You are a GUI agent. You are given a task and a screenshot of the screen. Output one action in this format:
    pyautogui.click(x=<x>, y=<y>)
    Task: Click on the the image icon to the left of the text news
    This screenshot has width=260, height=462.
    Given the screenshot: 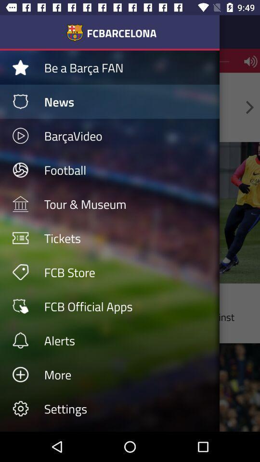 What is the action you would take?
    pyautogui.click(x=20, y=102)
    